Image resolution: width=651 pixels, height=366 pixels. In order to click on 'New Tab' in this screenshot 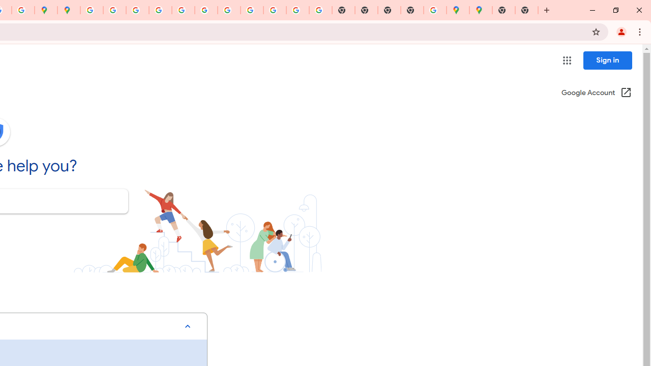, I will do `click(526, 10)`.